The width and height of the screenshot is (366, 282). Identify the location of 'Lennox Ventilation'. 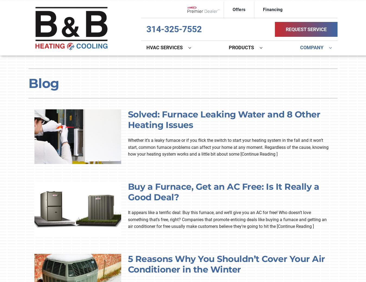
(137, 97).